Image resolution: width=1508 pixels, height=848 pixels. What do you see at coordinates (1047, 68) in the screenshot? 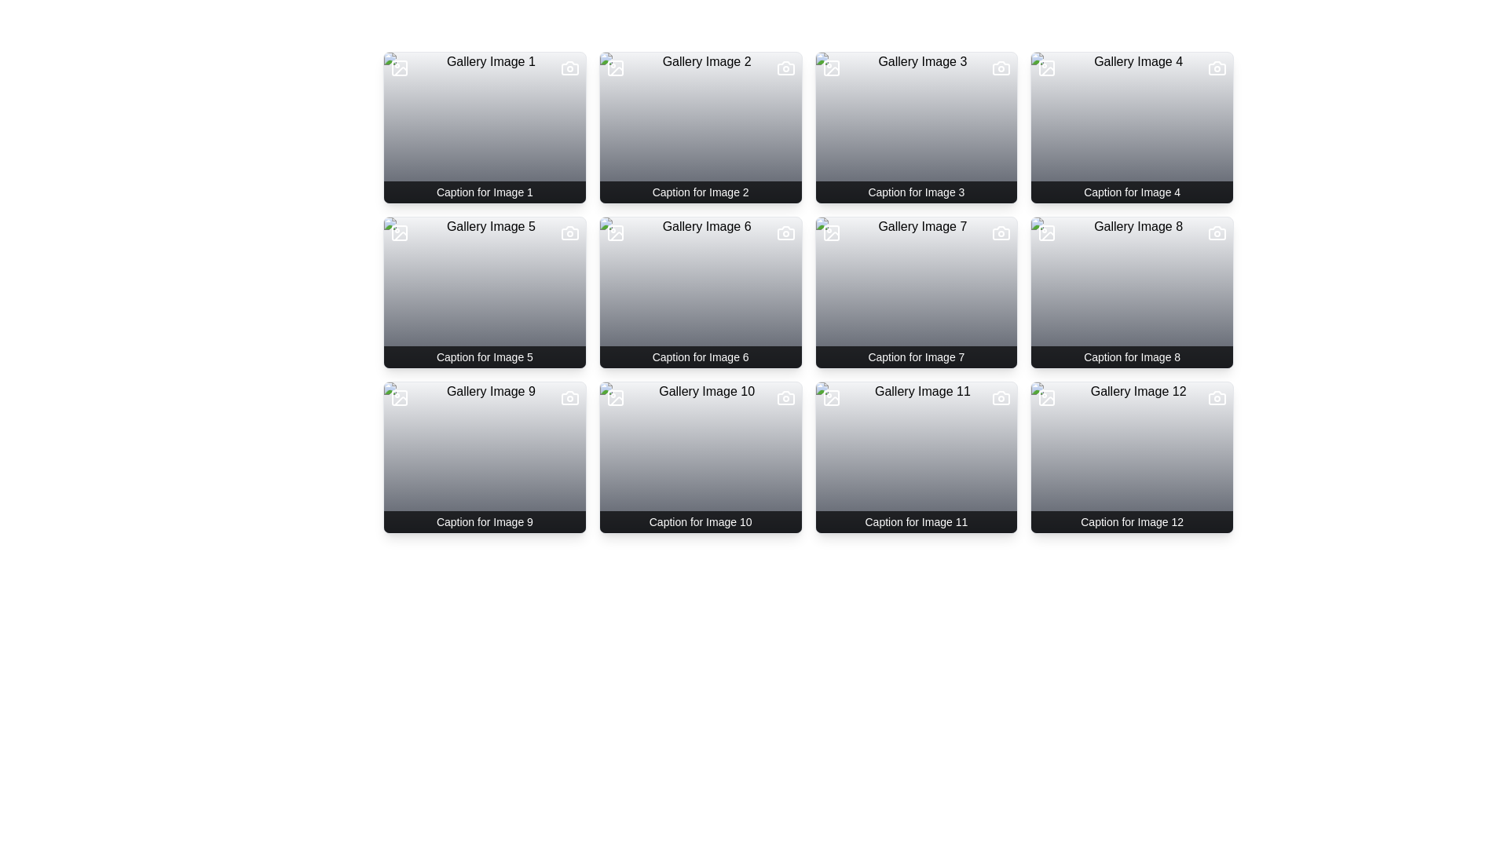
I see `the Decorative SVG shape (rounded rectangle) located in the top-left corner of the 'Gallery Image 4' card, which is part of an icon resembling an image frame` at bounding box center [1047, 68].